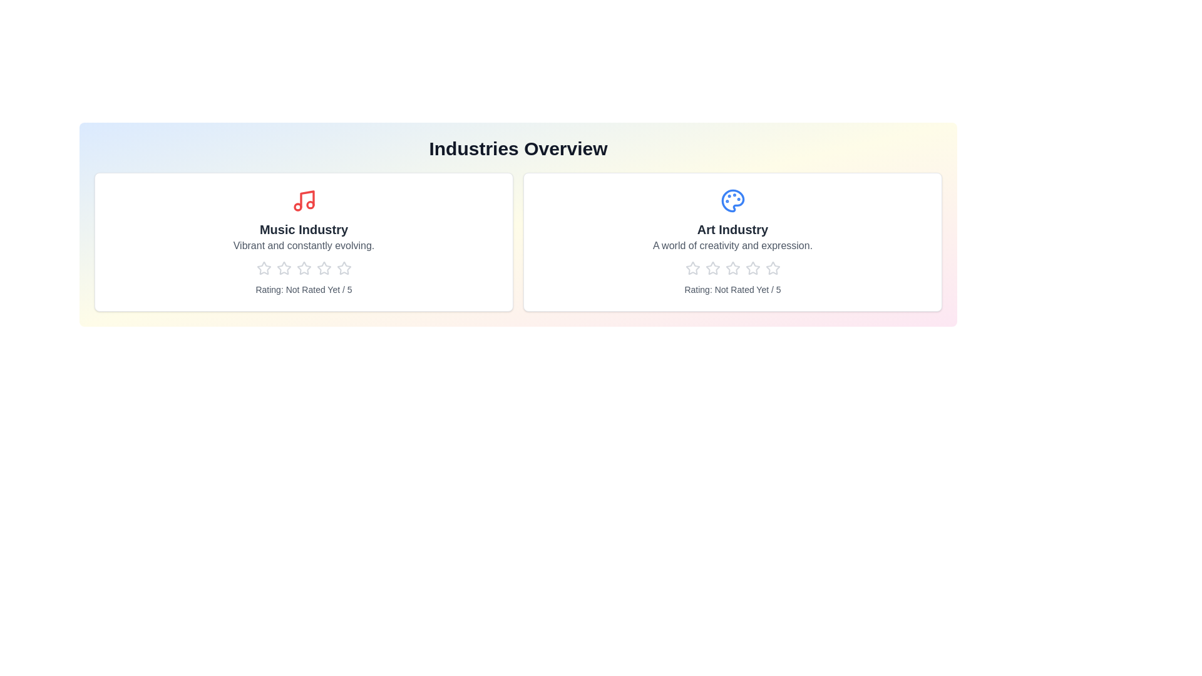 The height and width of the screenshot is (676, 1202). Describe the element at coordinates (324, 267) in the screenshot. I see `the star corresponding to 4 stars to preview the rating` at that location.